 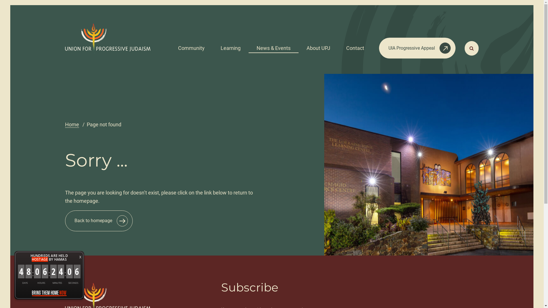 What do you see at coordinates (230, 46) in the screenshot?
I see `'Learning'` at bounding box center [230, 46].